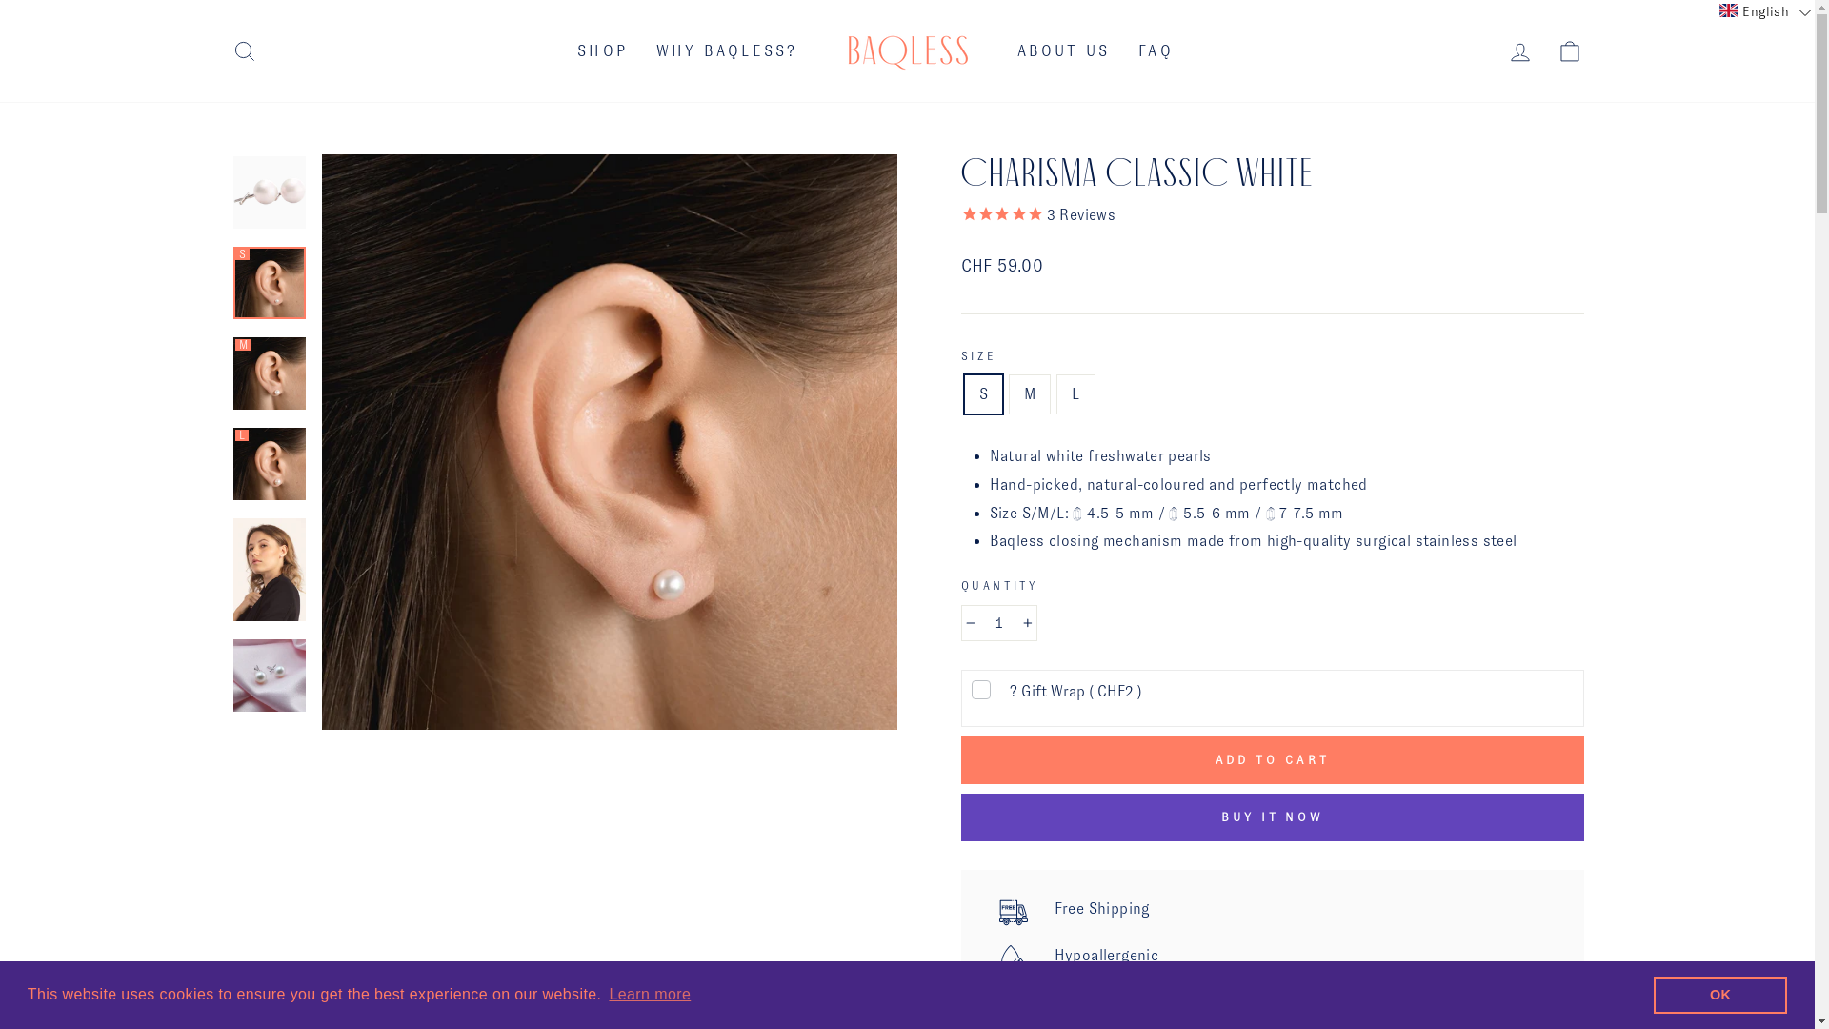 The width and height of the screenshot is (1829, 1029). I want to click on 'Skip to content', so click(0, 0).